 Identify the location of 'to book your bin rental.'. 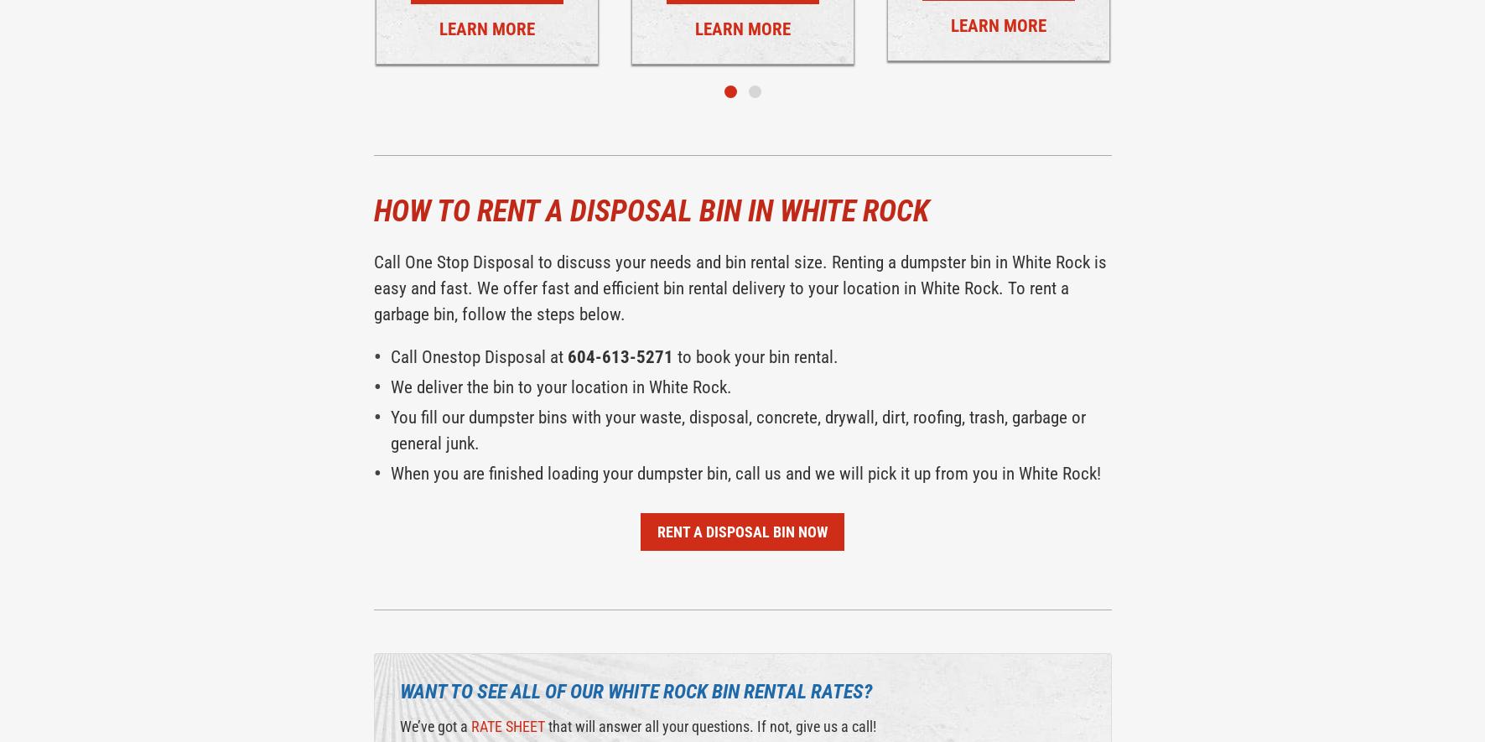
(755, 357).